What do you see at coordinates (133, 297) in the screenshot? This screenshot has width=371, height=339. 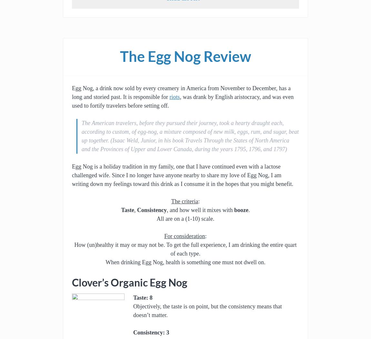 I see `'Taste: 8'` at bounding box center [133, 297].